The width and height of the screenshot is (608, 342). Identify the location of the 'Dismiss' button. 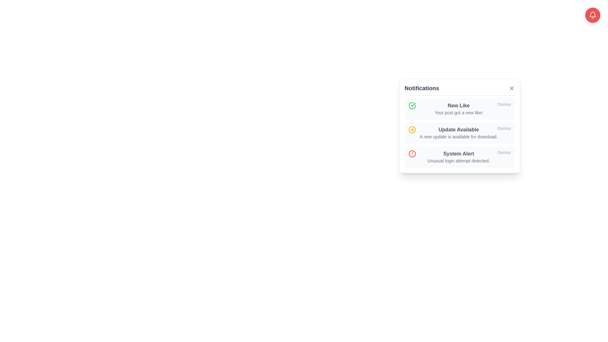
(504, 153).